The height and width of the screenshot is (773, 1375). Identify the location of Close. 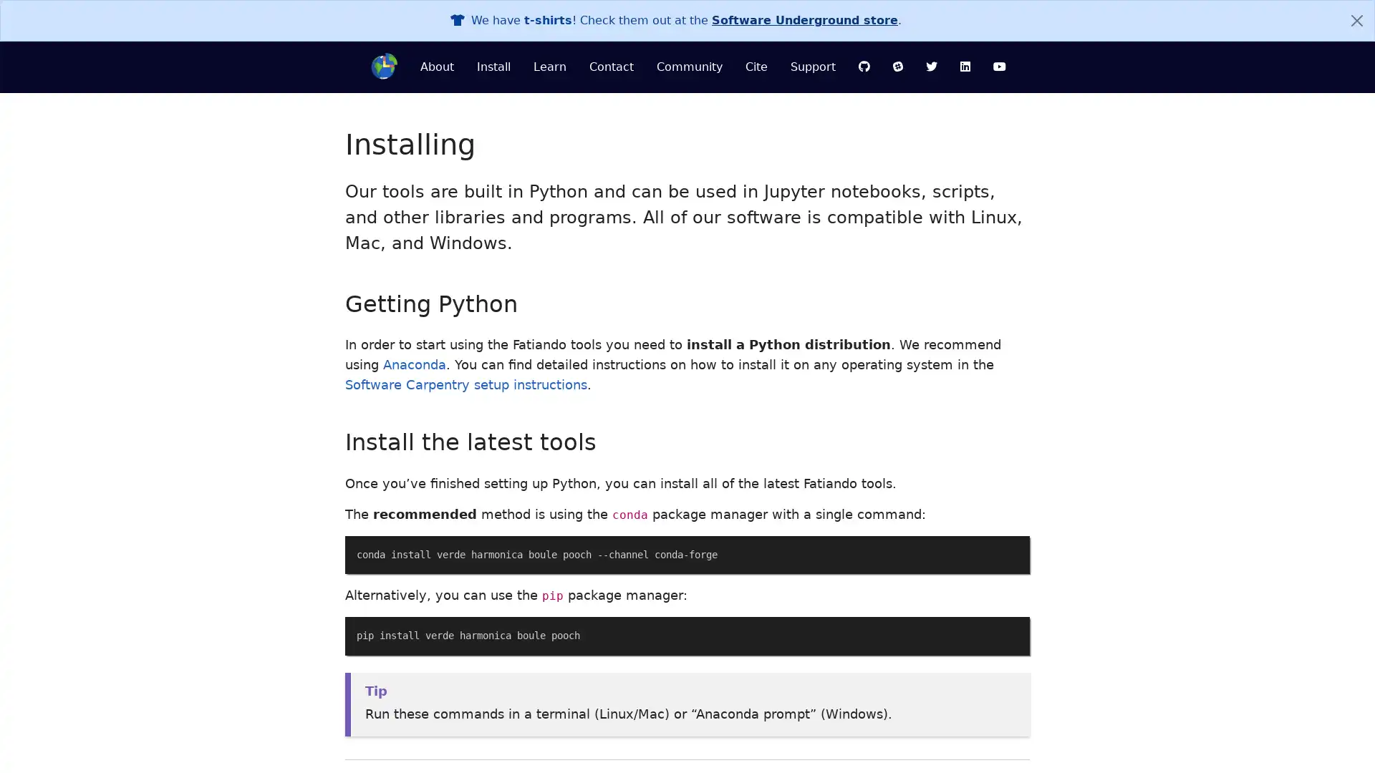
(1356, 21).